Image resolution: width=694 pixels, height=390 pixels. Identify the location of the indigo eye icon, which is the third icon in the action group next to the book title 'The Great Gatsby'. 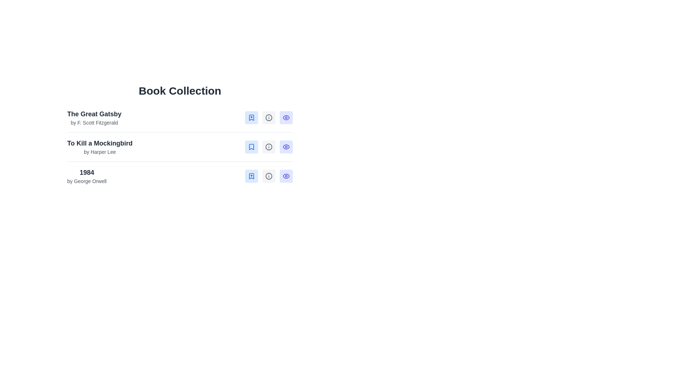
(286, 117).